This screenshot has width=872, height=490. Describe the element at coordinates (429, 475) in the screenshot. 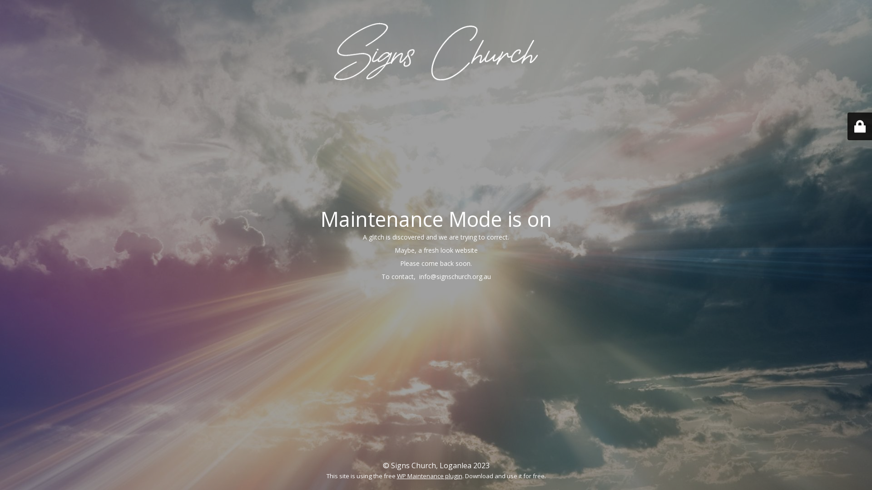

I see `'WP Maintenance plugin'` at that location.